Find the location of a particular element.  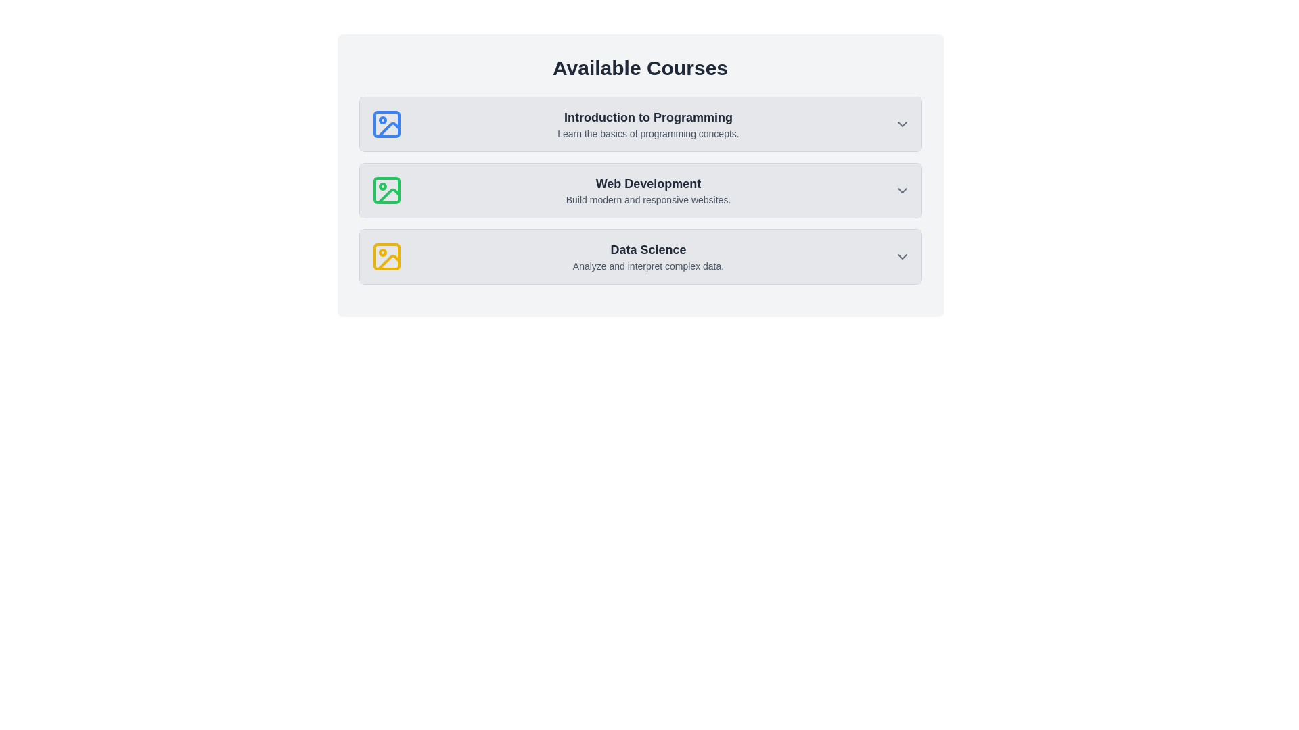

the green-bordered rectangular icon inside the 'Web Development' section, which is the second option in the vertical list of courses is located at coordinates (386, 190).